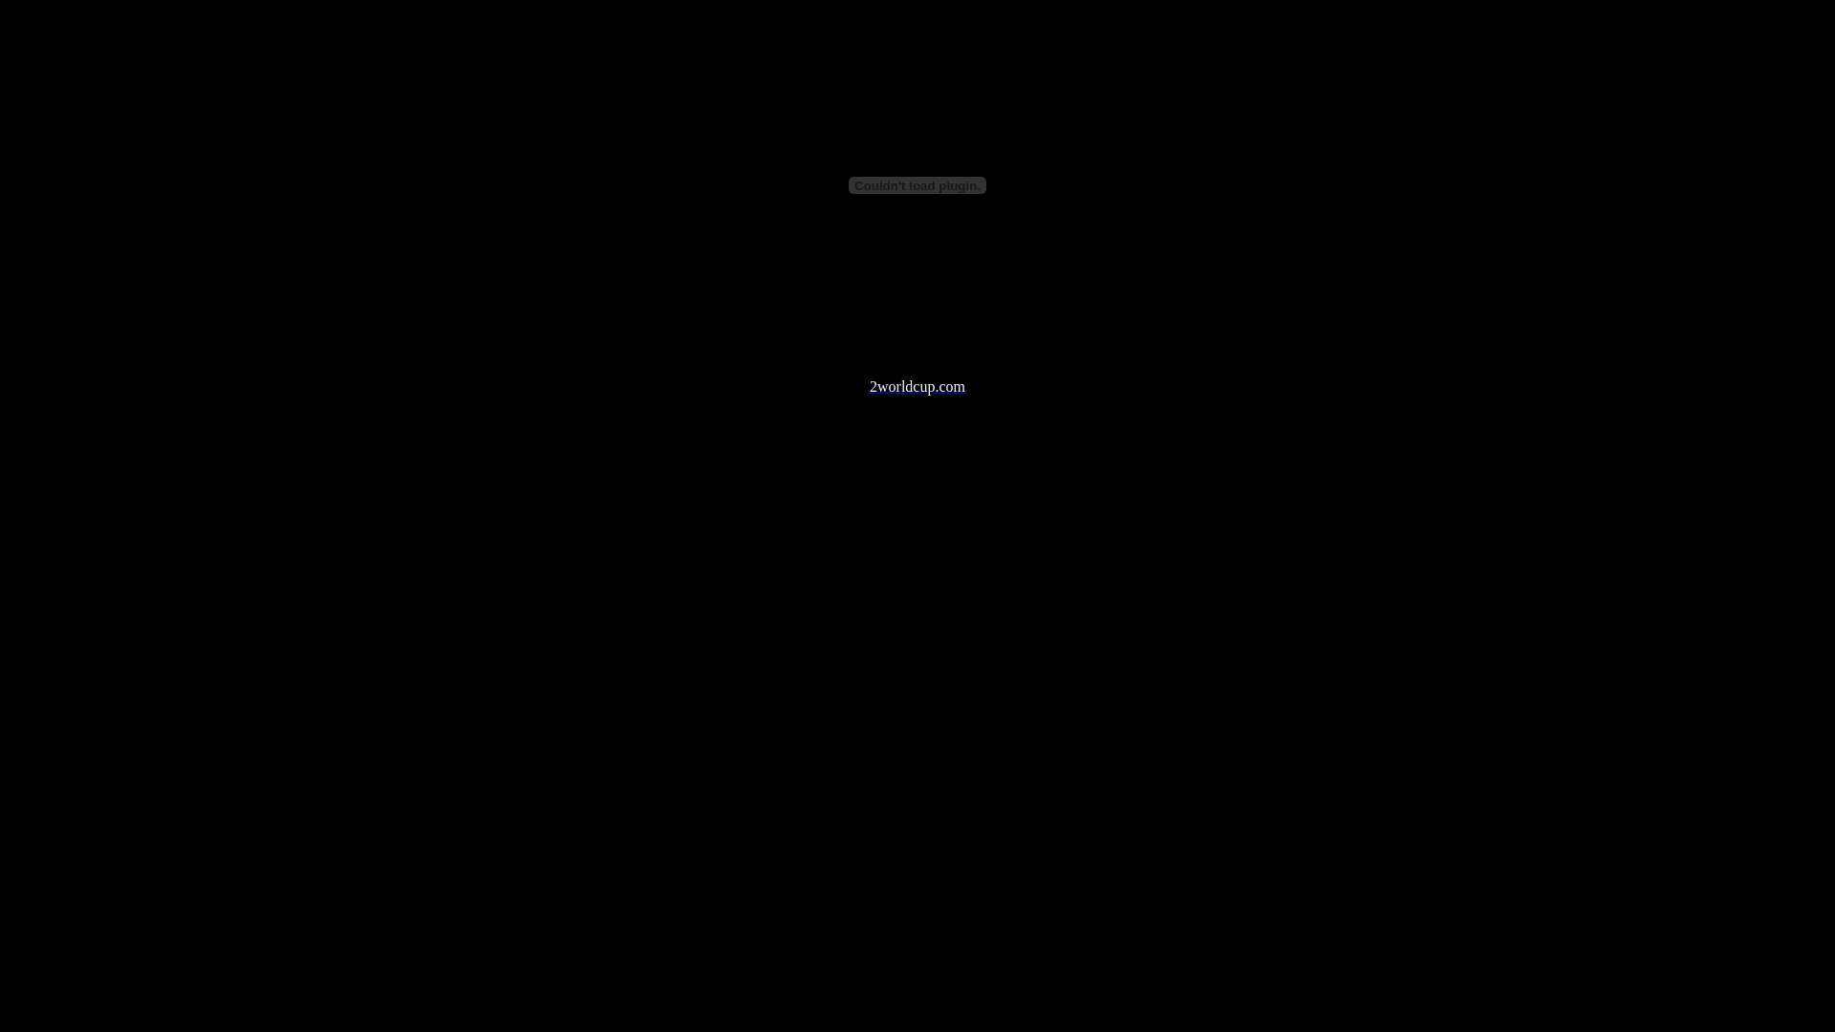 Image resolution: width=1835 pixels, height=1032 pixels. What do you see at coordinates (869, 386) in the screenshot?
I see `'2worldcup.com'` at bounding box center [869, 386].